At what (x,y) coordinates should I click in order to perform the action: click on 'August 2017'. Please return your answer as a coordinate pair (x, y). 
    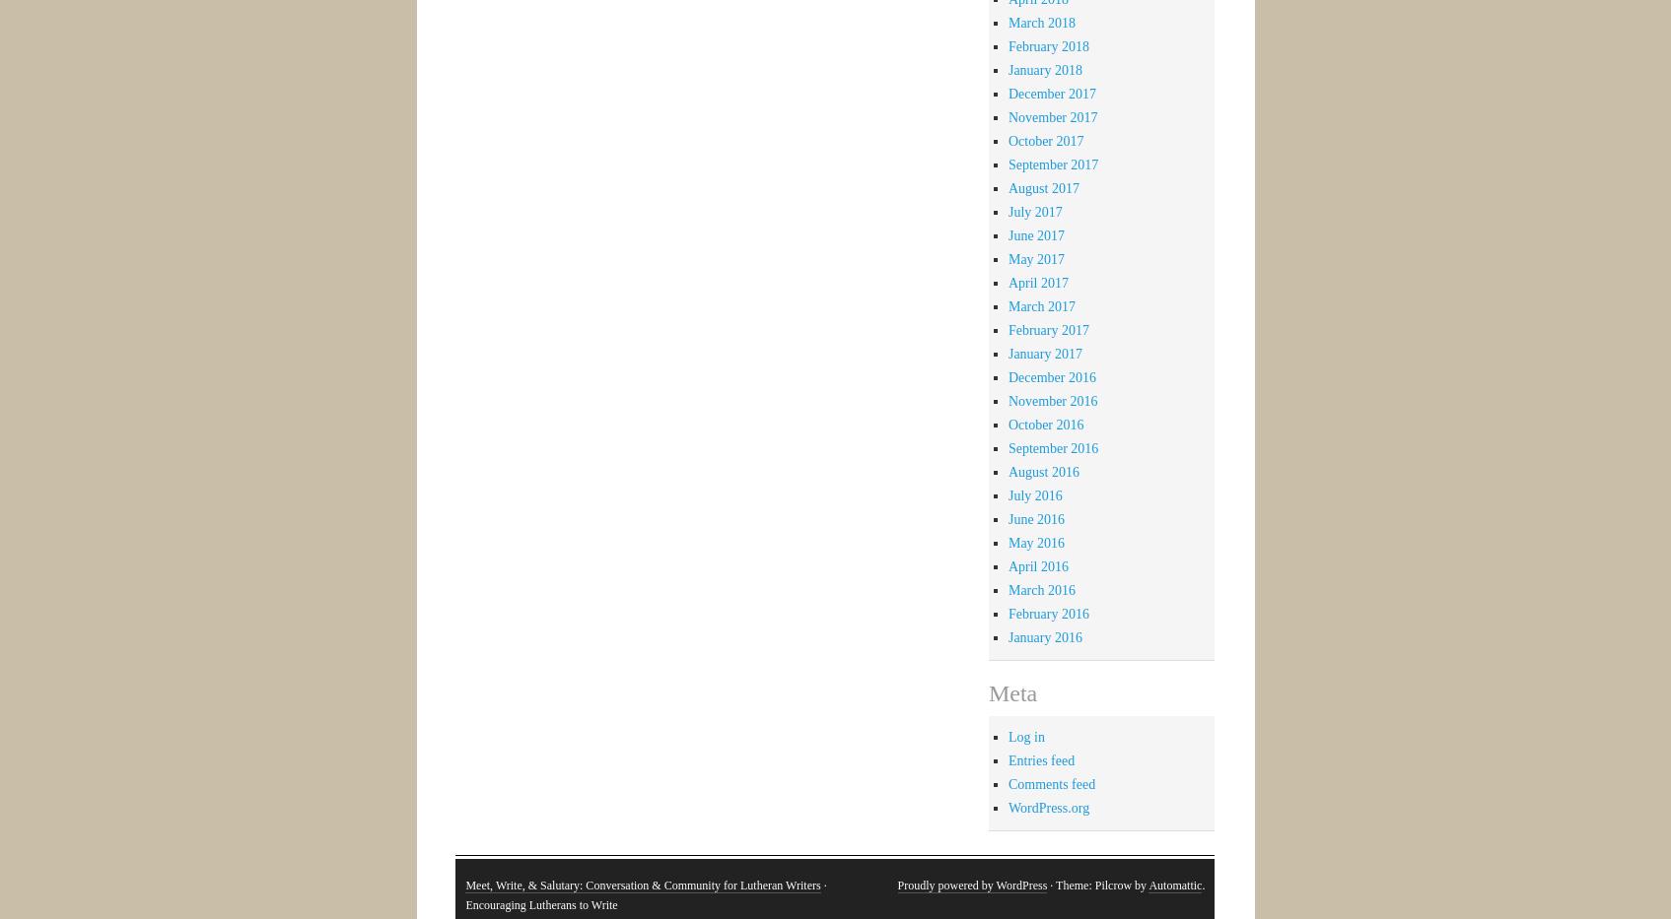
    Looking at the image, I should click on (1043, 187).